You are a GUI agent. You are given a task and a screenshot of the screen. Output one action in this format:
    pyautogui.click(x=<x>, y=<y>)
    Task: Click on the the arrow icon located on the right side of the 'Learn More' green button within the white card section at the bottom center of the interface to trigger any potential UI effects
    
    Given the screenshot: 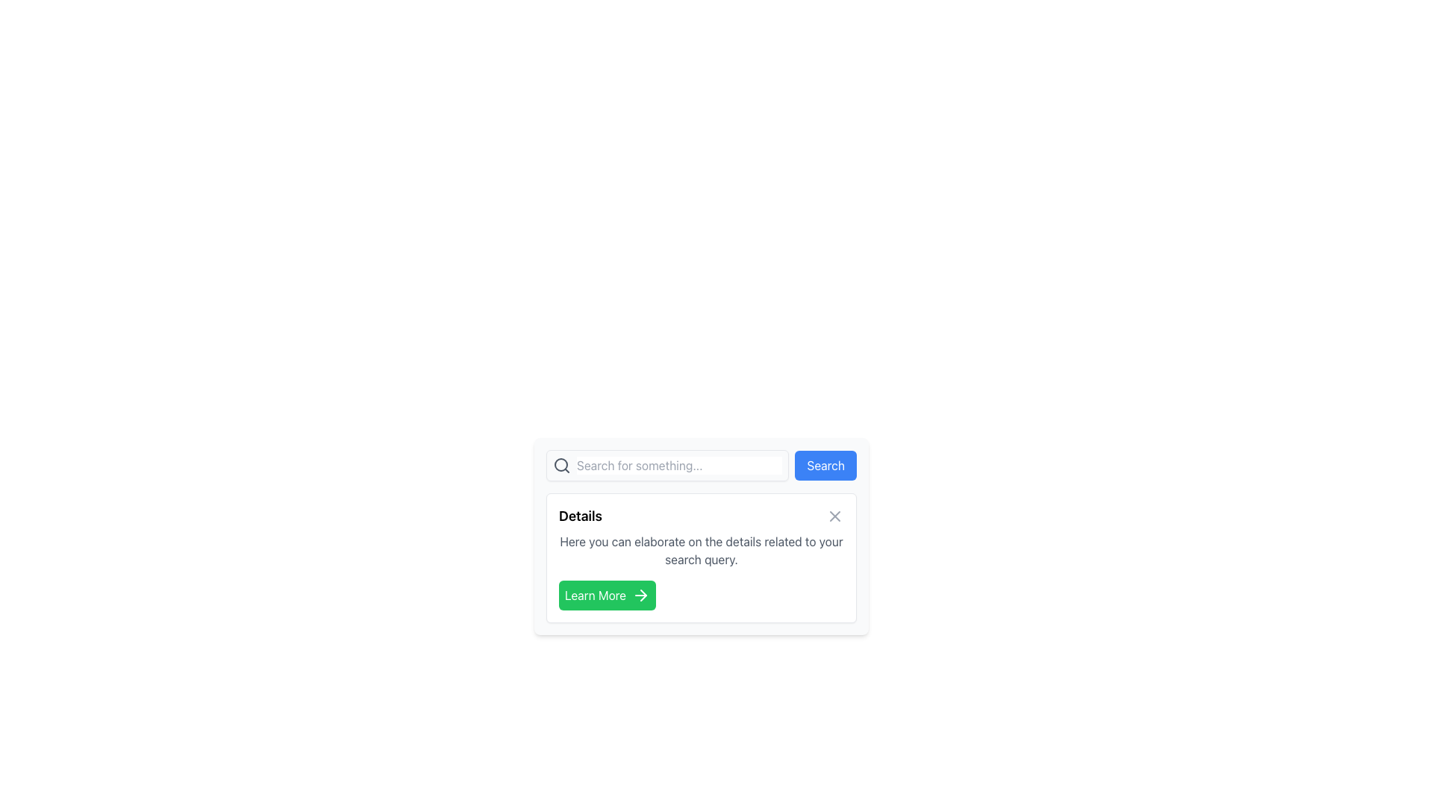 What is the action you would take?
    pyautogui.click(x=641, y=595)
    